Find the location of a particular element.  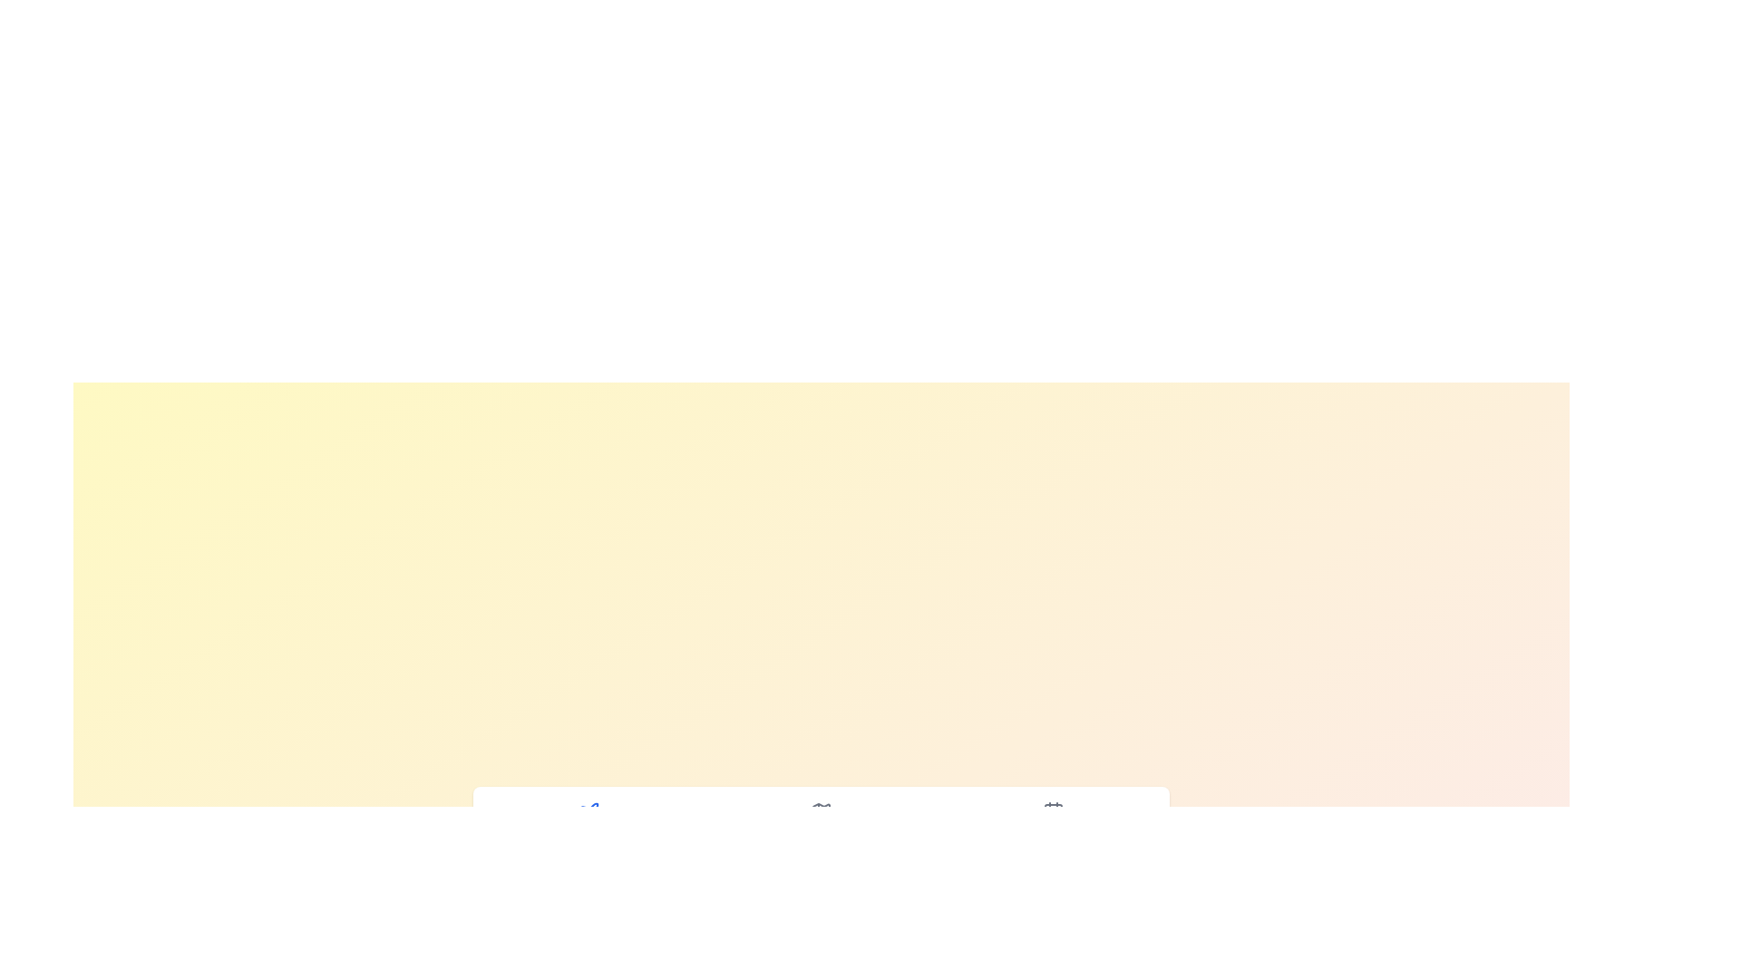

the Schedule tab to view its content is located at coordinates (1053, 822).